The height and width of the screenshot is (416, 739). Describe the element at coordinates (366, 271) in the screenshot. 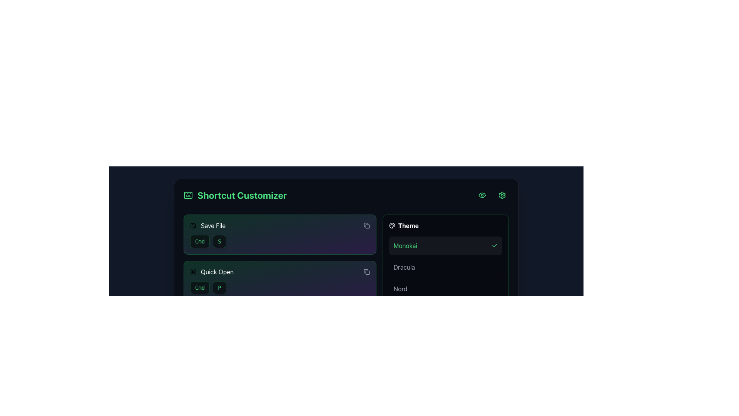

I see `the rightmost button in the toolbar of the 'Quick Open' section` at that location.